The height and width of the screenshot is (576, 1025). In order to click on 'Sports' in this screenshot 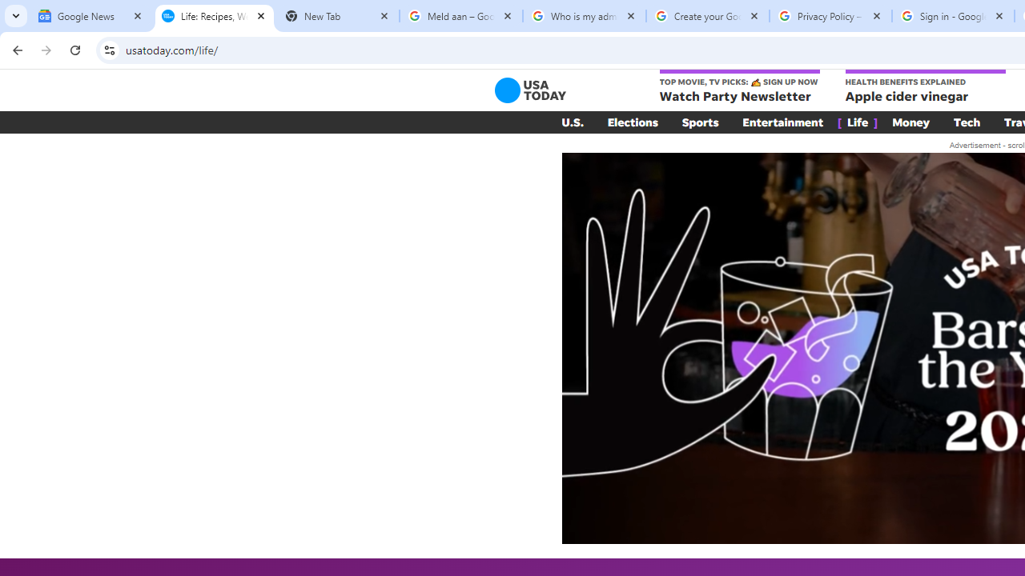, I will do `click(700, 122)`.